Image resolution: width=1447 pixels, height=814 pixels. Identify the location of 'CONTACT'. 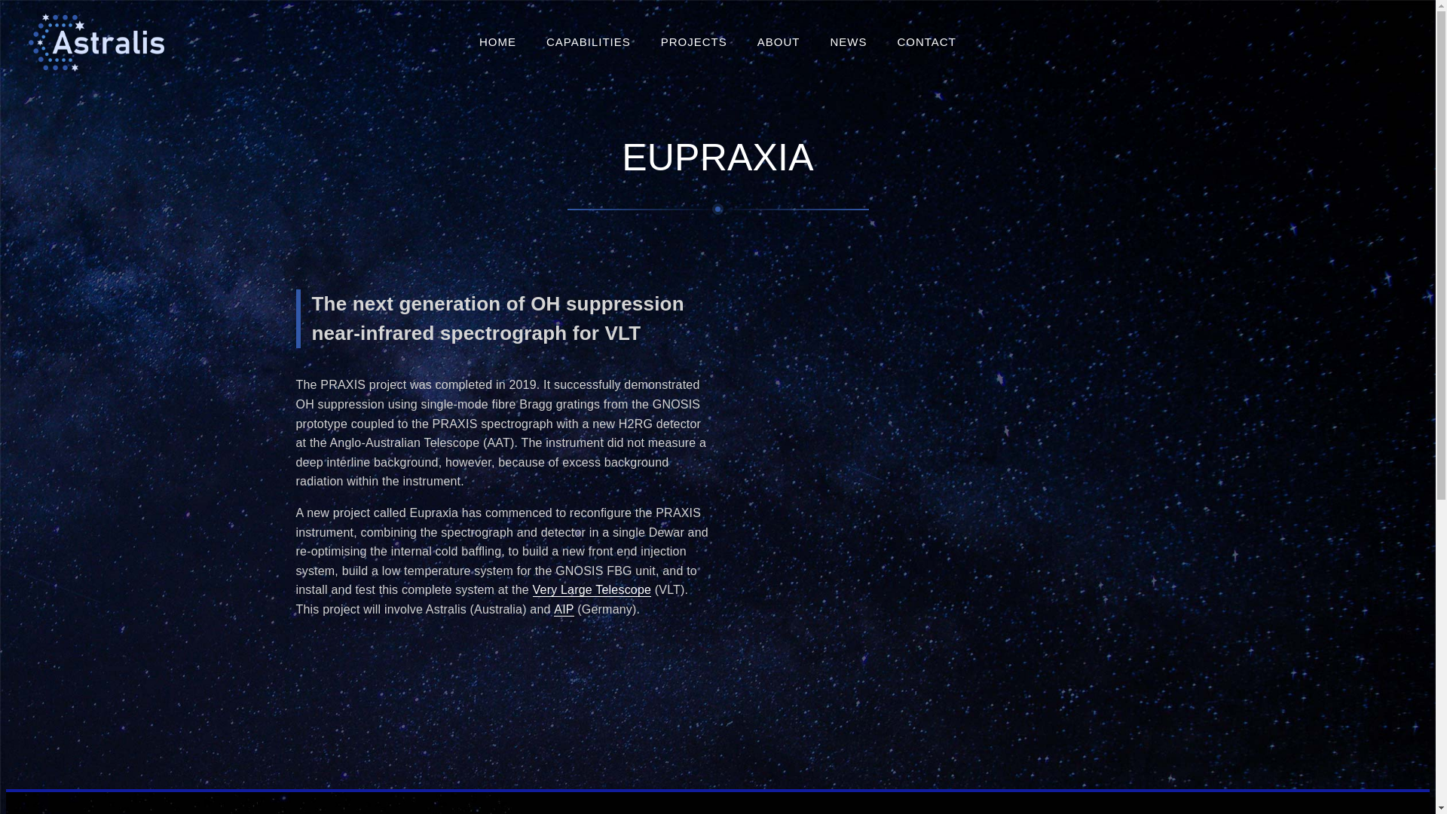
(925, 41).